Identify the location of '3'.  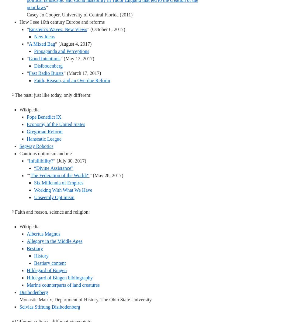
(13, 211).